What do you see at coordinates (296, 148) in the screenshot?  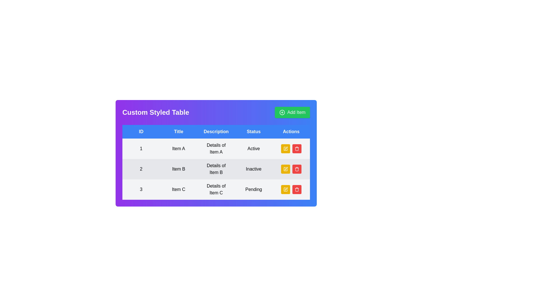 I see `the trash can icon button in the 'Actions' column of the table, specifically in the third row for 'Item C'` at bounding box center [296, 148].